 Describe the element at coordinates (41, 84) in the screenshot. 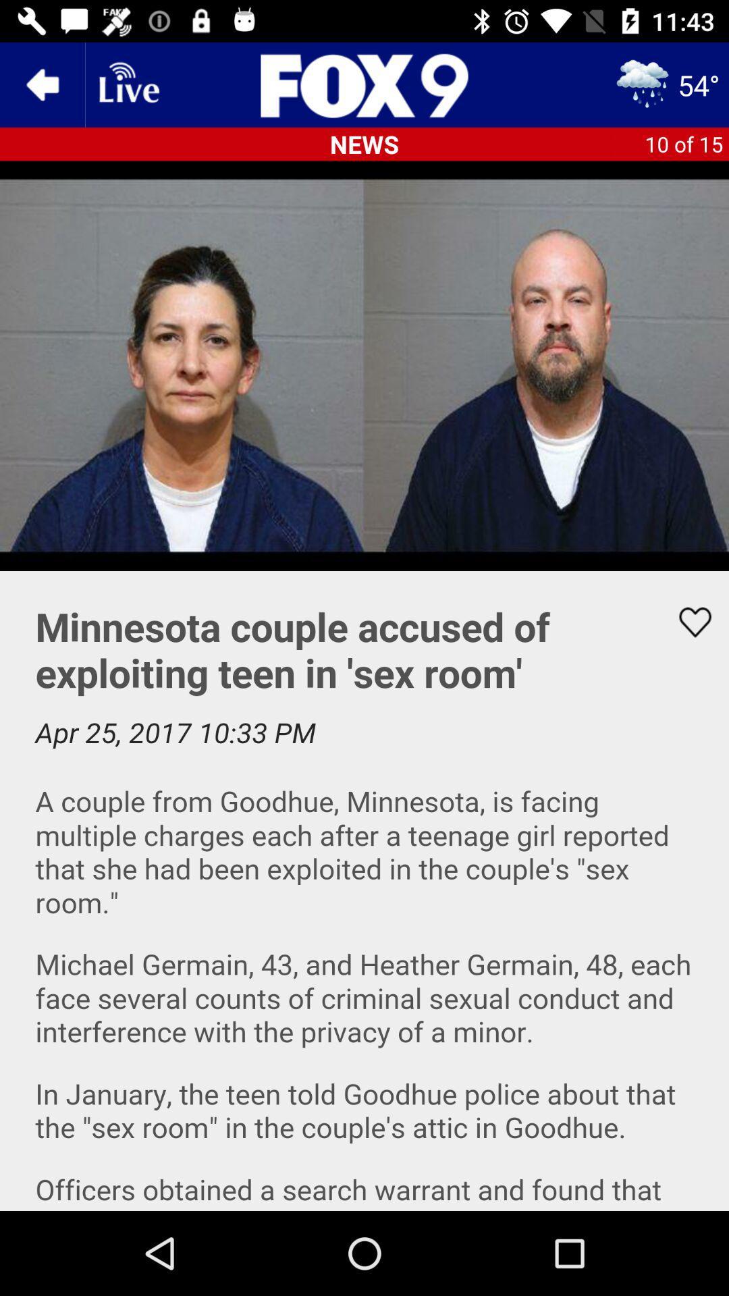

I see `go back` at that location.